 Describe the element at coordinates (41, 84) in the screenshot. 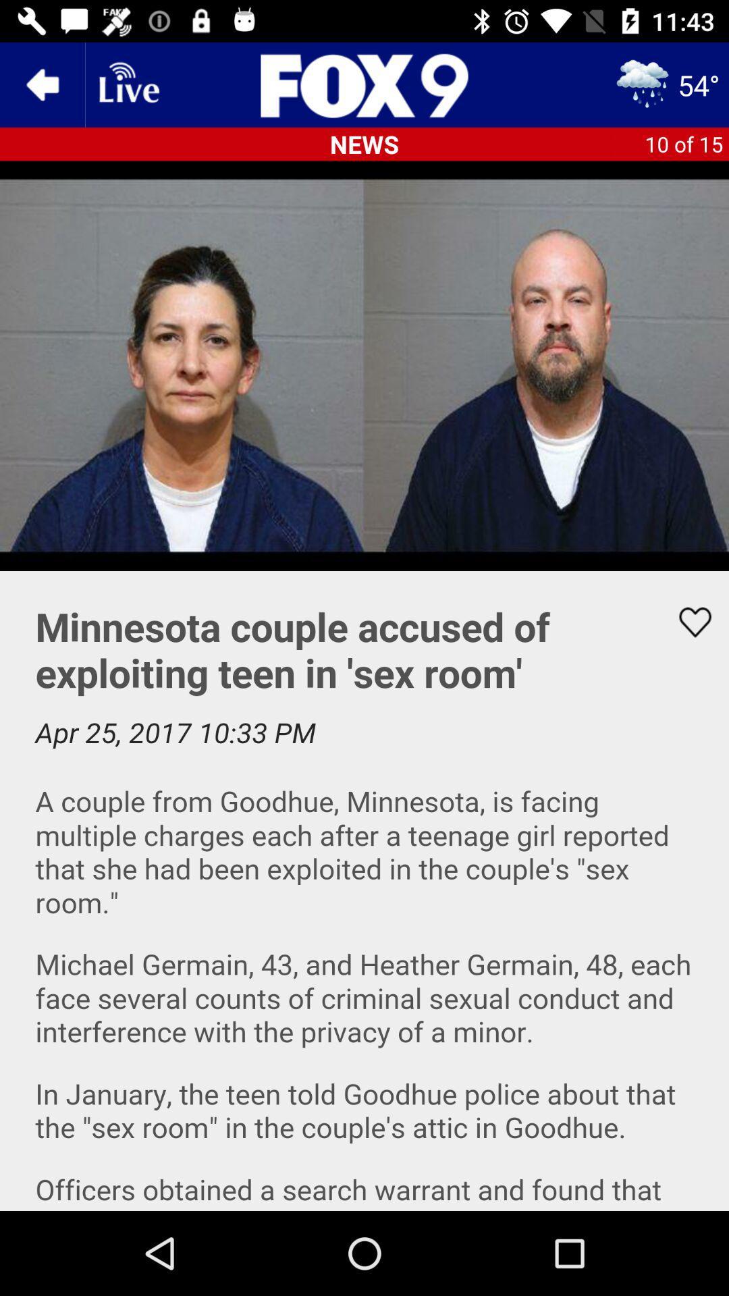

I see `go back` at that location.